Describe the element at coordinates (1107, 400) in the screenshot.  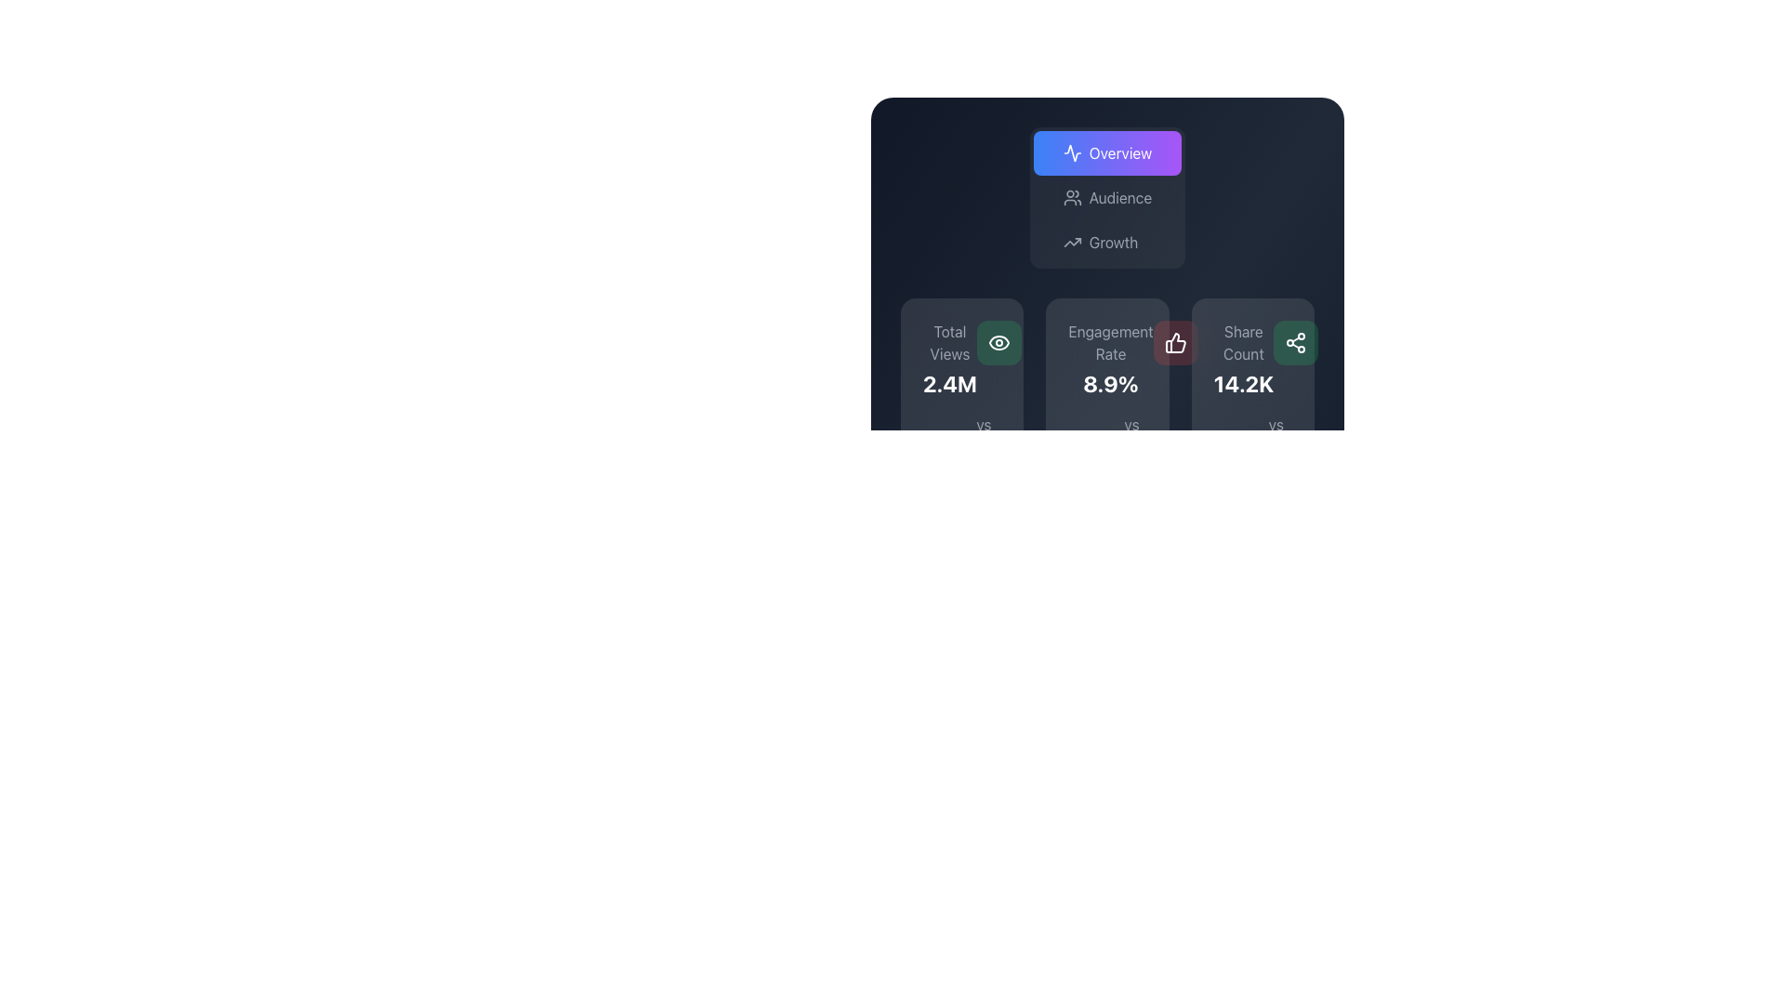
I see `engagement rate percentage displayed in bold white text on the card labeled 'Engagement Rate', which is the second card among three similar cards` at that location.